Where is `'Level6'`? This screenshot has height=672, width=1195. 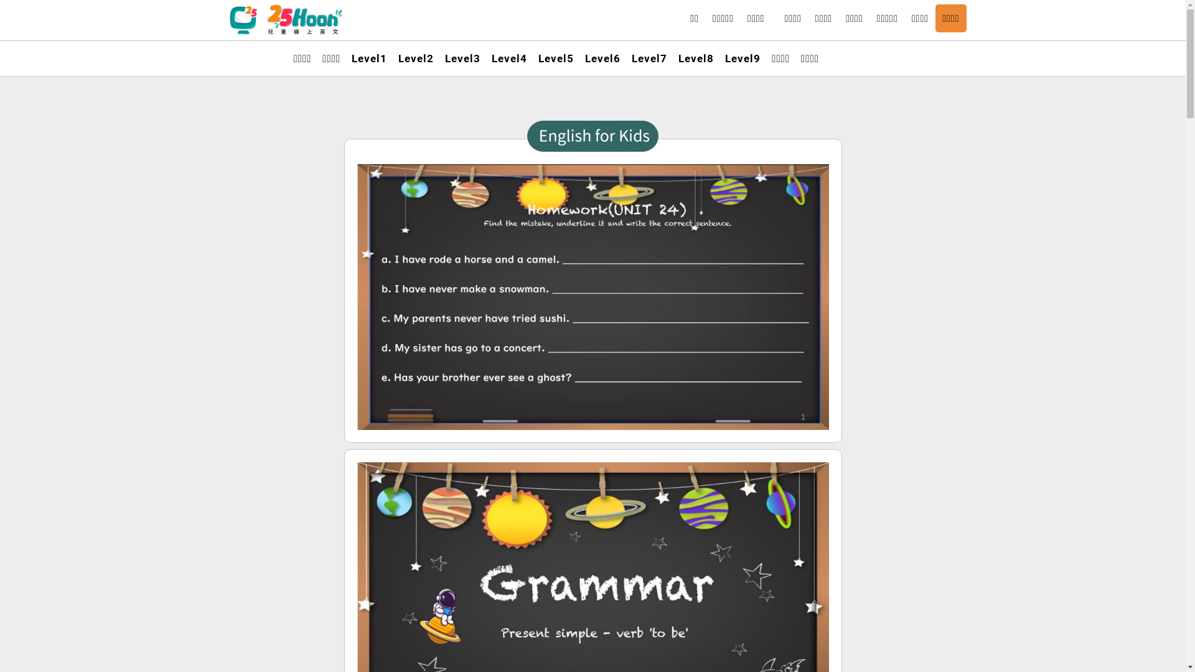
'Level6' is located at coordinates (602, 58).